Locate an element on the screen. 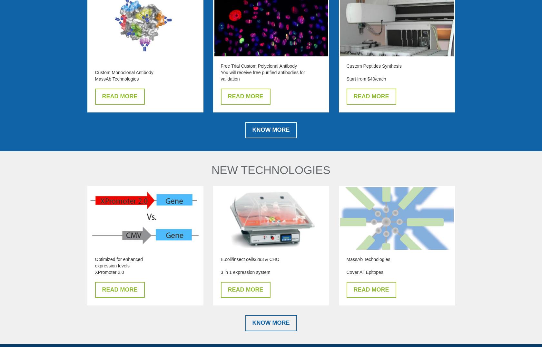  'expression levels' is located at coordinates (112, 265).